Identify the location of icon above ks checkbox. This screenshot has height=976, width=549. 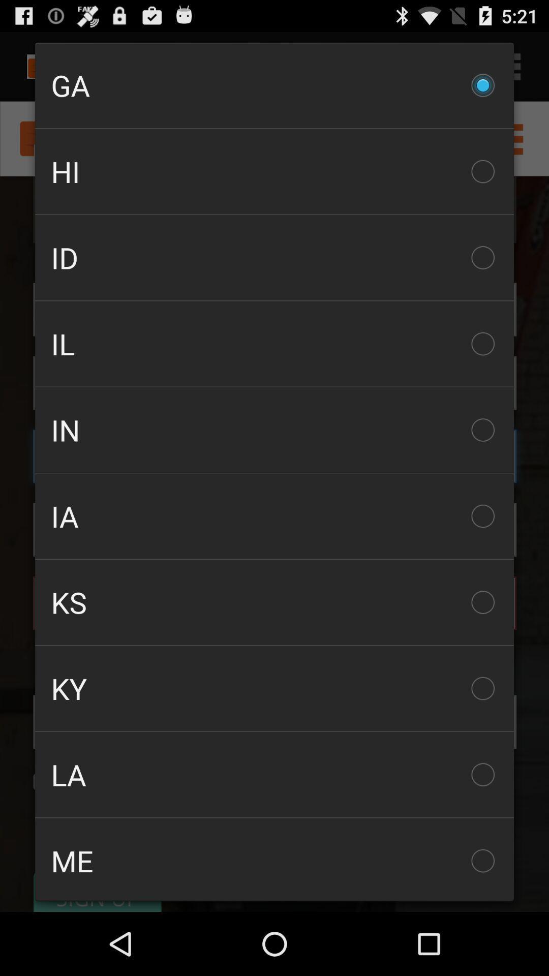
(274, 516).